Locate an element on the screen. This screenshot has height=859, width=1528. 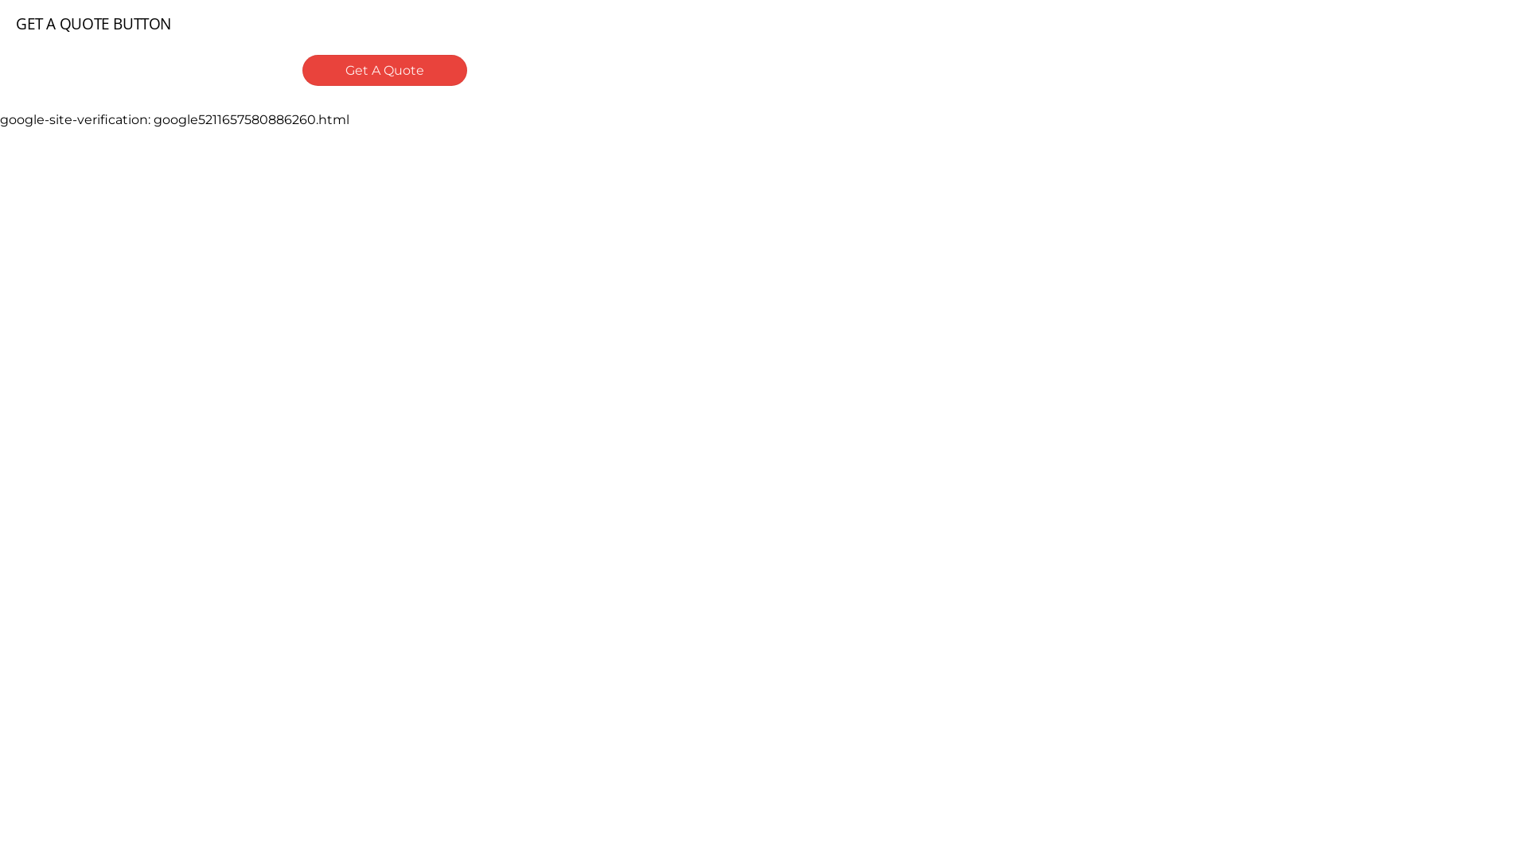
'Get A Quote' is located at coordinates (384, 69).